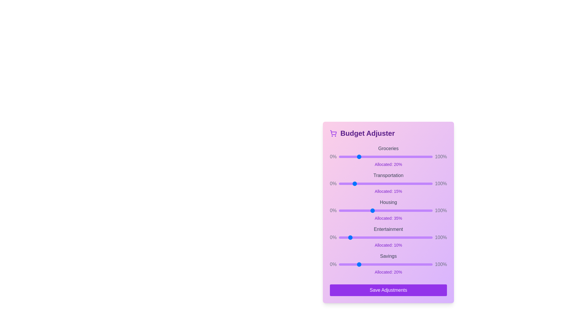 This screenshot has height=316, width=562. Describe the element at coordinates (400, 157) in the screenshot. I see `the slider for a specific category to set its allocation to 65%` at that location.